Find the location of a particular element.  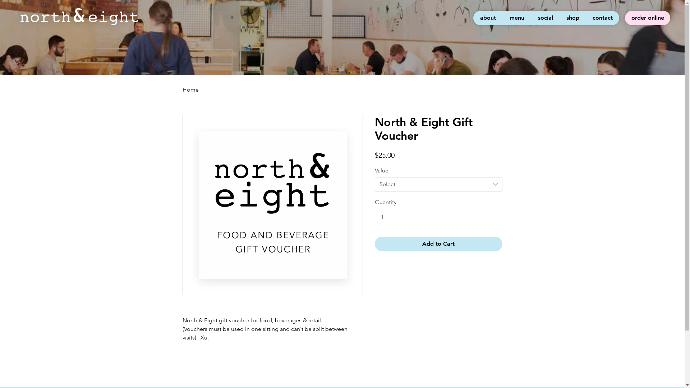

'shop' is located at coordinates (572, 18).